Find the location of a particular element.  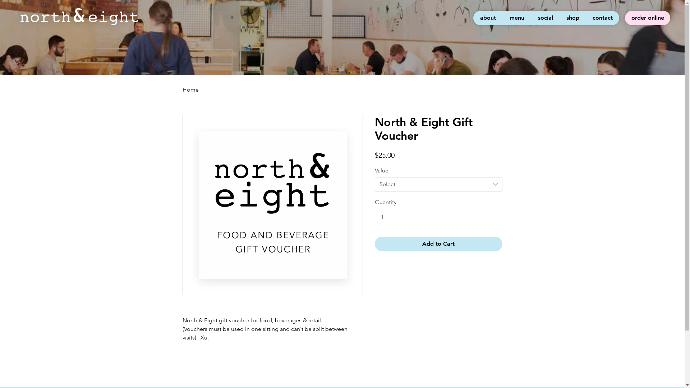

'shop' is located at coordinates (572, 18).